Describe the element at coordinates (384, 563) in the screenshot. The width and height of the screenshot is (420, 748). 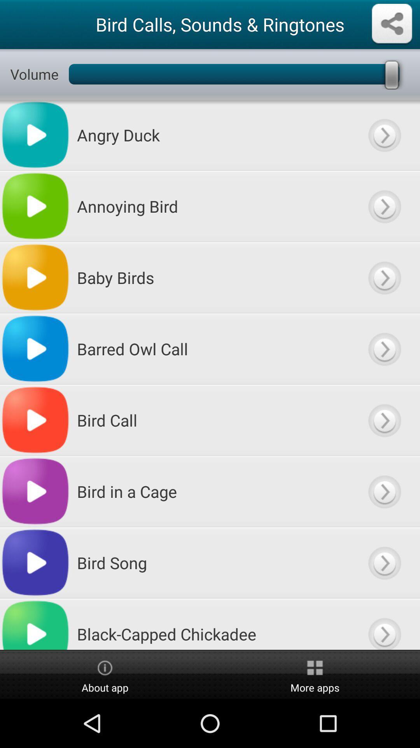
I see `play` at that location.